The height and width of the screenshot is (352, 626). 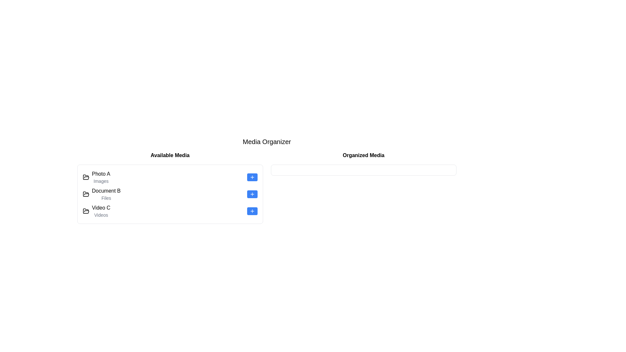 I want to click on the 'Document B' label with the accompanying folder icon from the 'Available Media' section, so click(x=106, y=194).